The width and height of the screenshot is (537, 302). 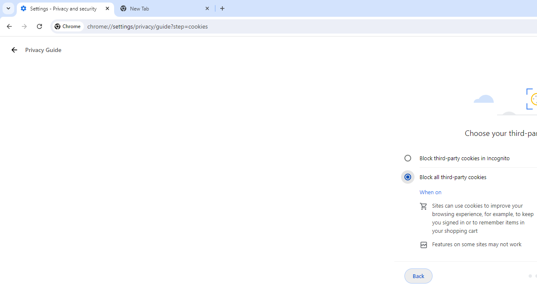 What do you see at coordinates (65, 8) in the screenshot?
I see `'Settings - Privacy and security'` at bounding box center [65, 8].